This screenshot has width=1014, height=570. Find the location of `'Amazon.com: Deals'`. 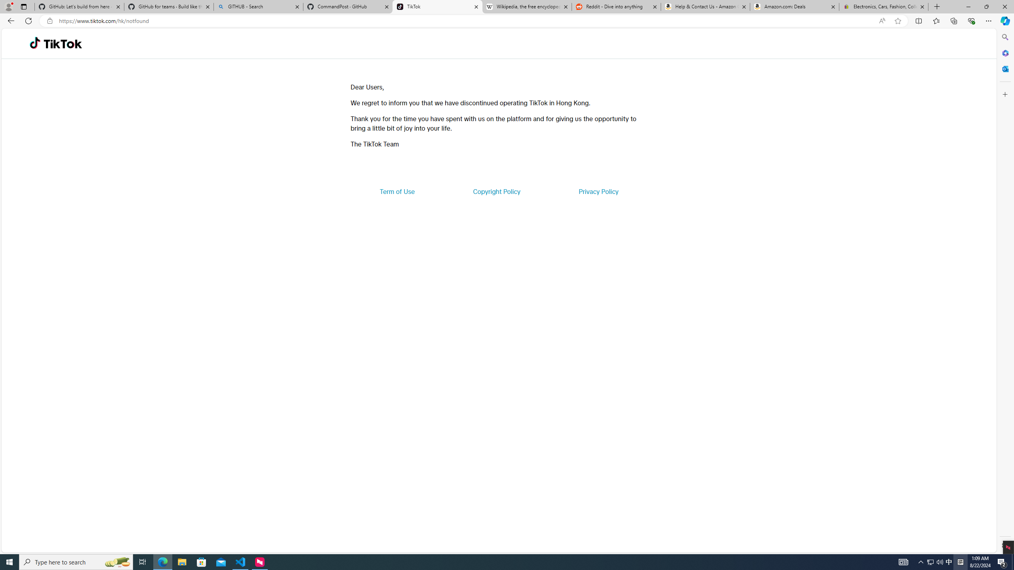

'Amazon.com: Deals' is located at coordinates (794, 6).